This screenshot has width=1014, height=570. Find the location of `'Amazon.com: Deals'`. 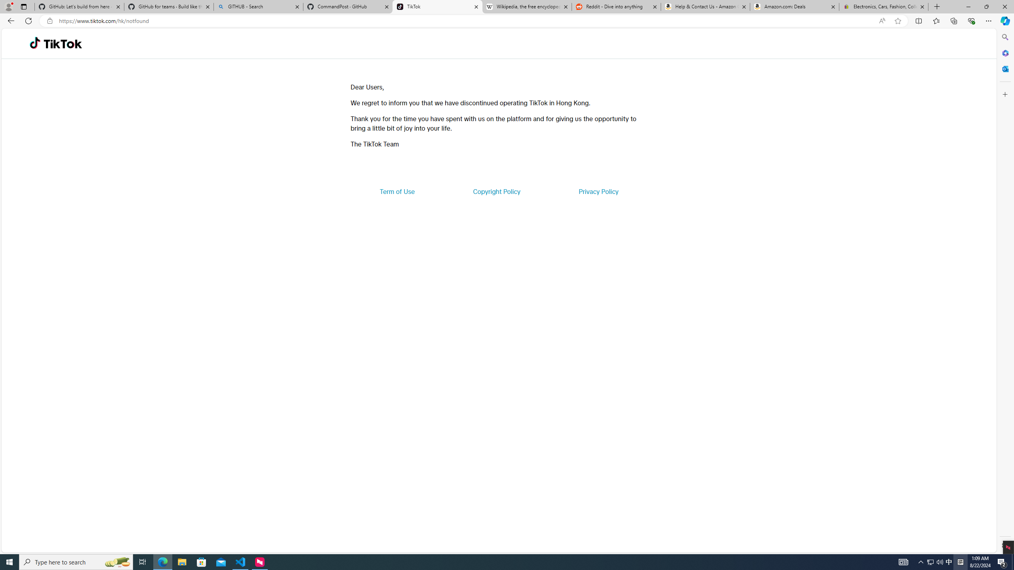

'Amazon.com: Deals' is located at coordinates (794, 6).